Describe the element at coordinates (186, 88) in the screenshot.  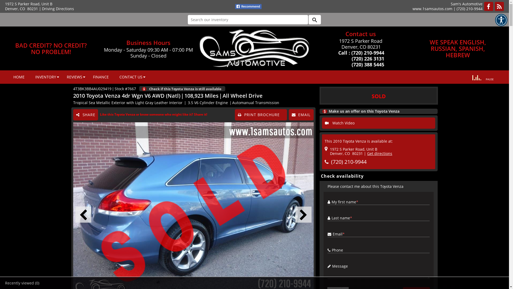
I see `'Check if this Toyota Venza is still available'` at that location.